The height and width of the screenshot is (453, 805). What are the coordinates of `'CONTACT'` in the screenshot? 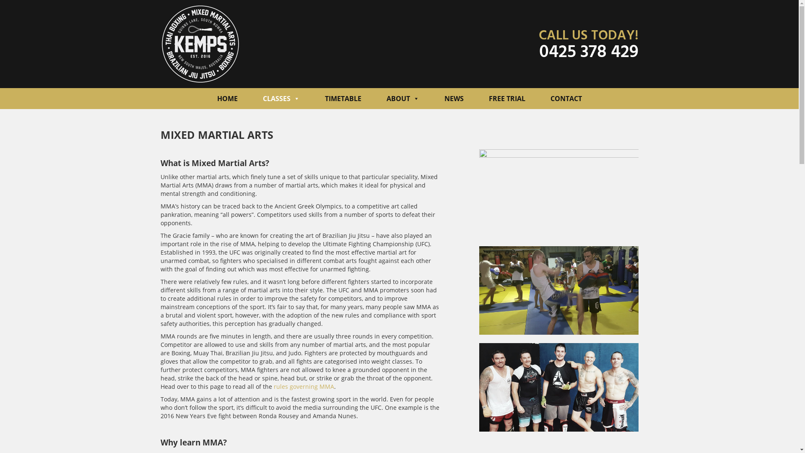 It's located at (566, 98).